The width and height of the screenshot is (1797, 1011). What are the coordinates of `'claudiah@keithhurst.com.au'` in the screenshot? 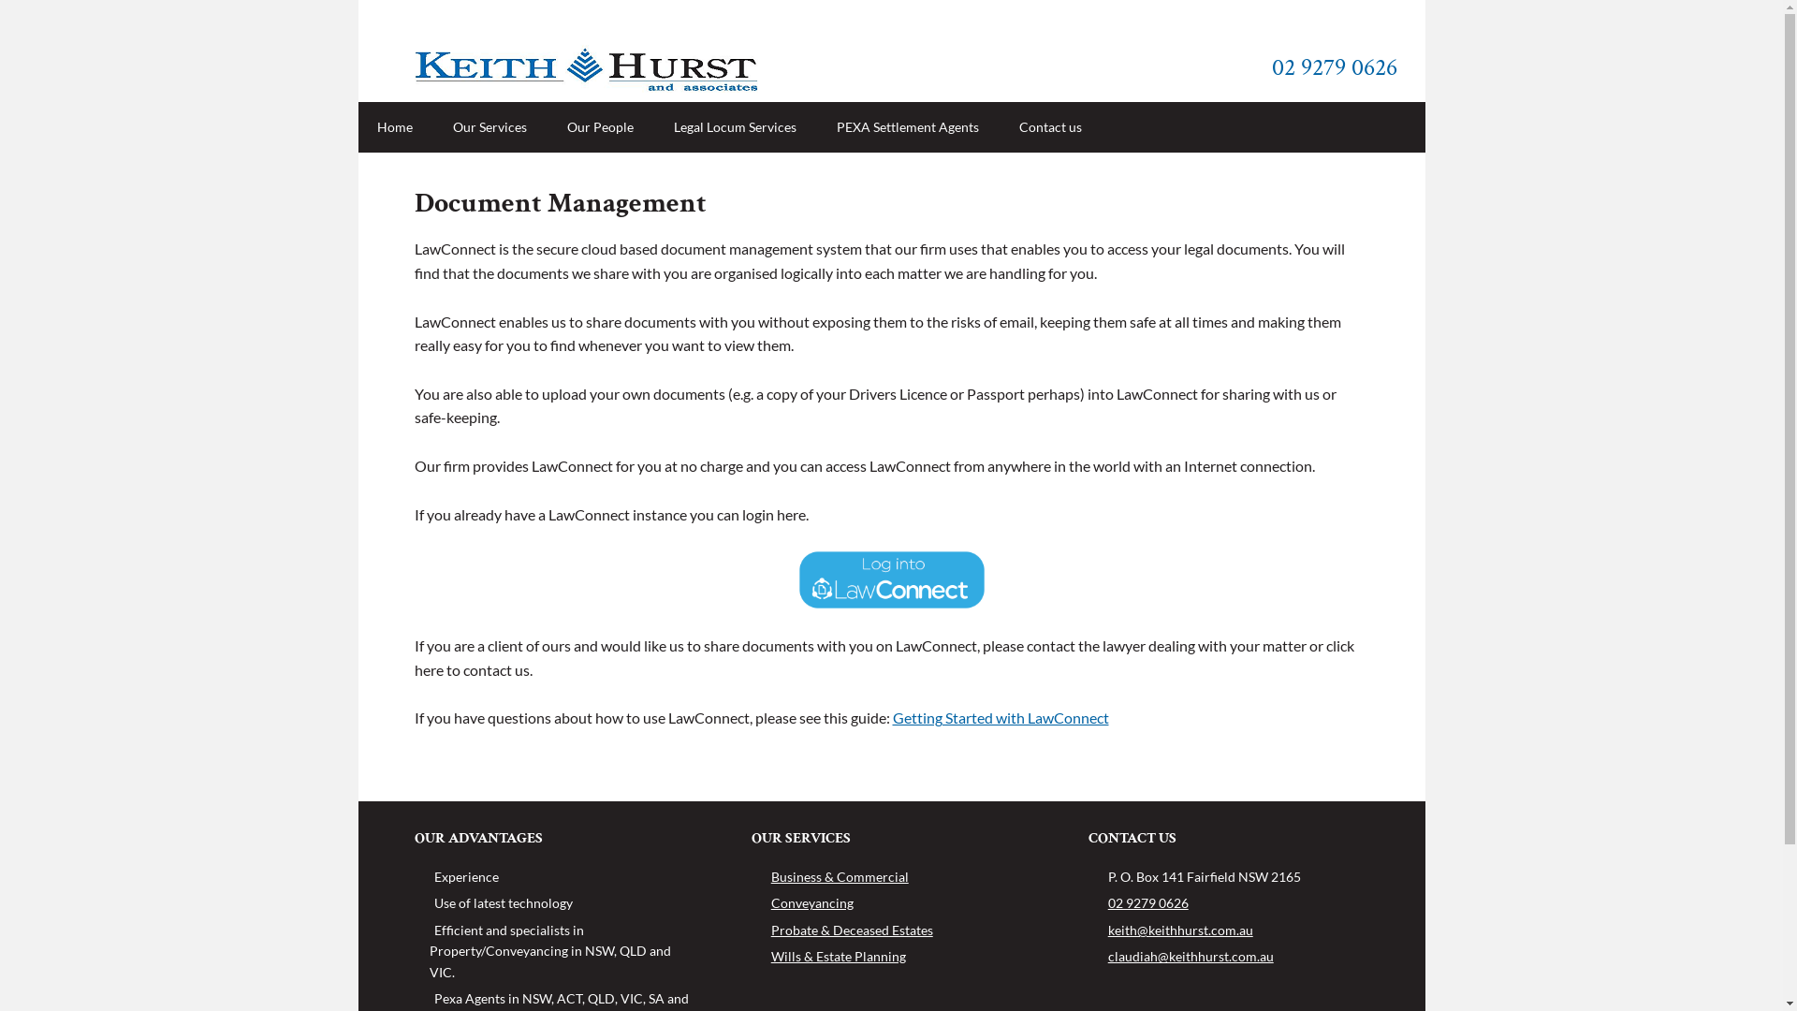 It's located at (1190, 956).